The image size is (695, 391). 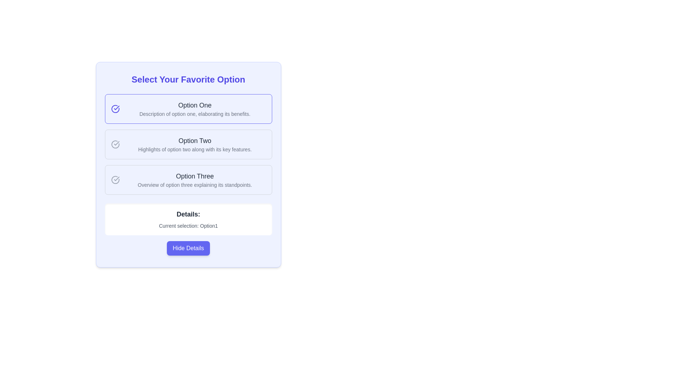 What do you see at coordinates (195, 105) in the screenshot?
I see `text from the 'Option One' text element, which is the first selectable option in a list, displayed in bold dark gray on a light gray background` at bounding box center [195, 105].